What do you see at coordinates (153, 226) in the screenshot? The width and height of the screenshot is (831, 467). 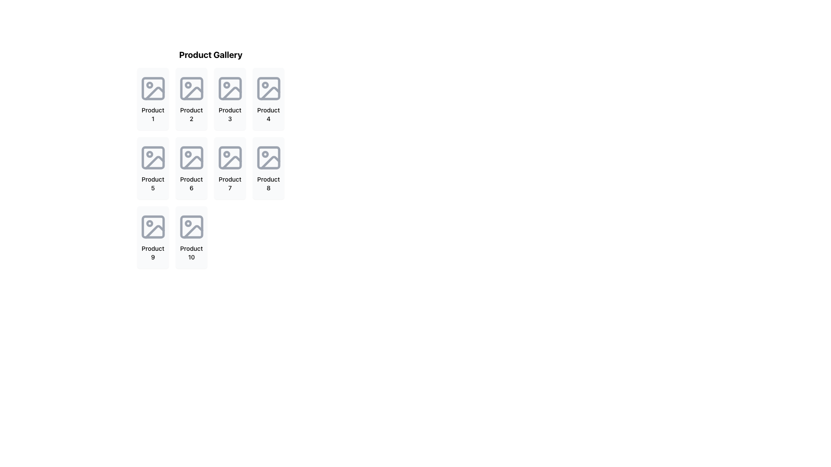 I see `the SVG graphical placeholder image of 'Product 9'` at bounding box center [153, 226].